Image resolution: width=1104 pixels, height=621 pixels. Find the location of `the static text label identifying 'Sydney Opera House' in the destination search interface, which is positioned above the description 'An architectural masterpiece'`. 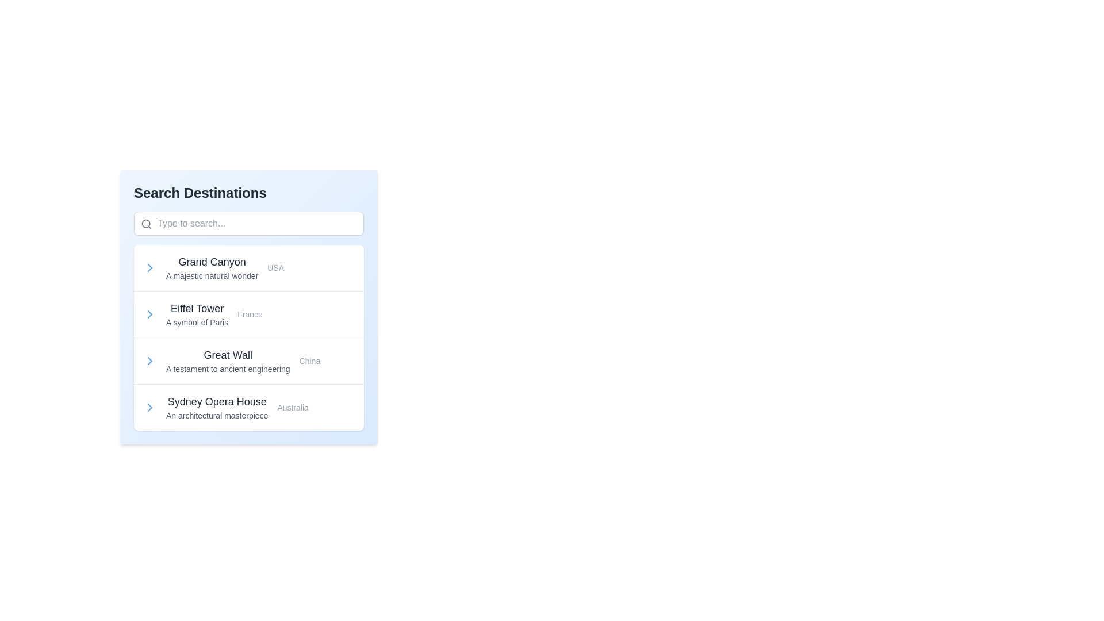

the static text label identifying 'Sydney Opera House' in the destination search interface, which is positioned above the description 'An architectural masterpiece' is located at coordinates (217, 401).